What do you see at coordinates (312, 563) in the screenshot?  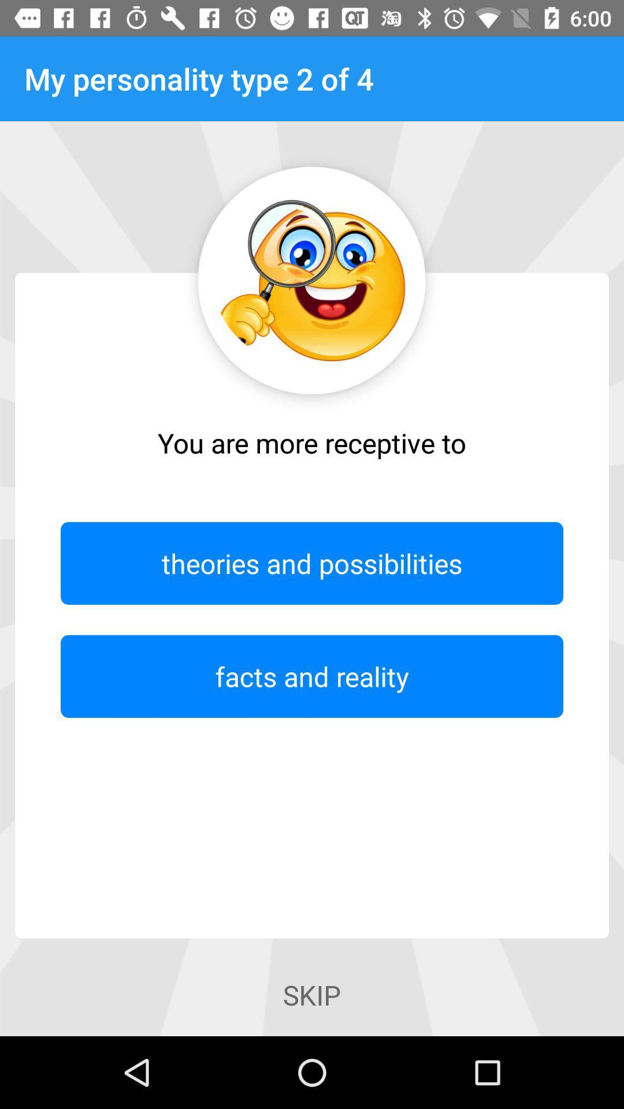 I see `the theories and possibilities` at bounding box center [312, 563].